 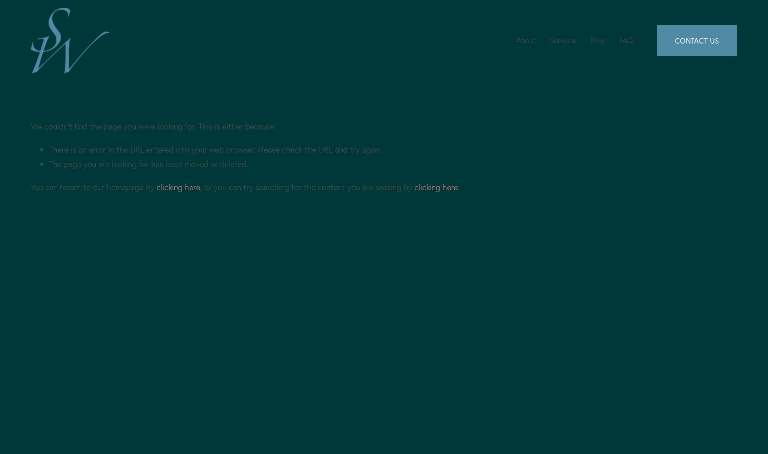 What do you see at coordinates (457, 187) in the screenshot?
I see `'.'` at bounding box center [457, 187].